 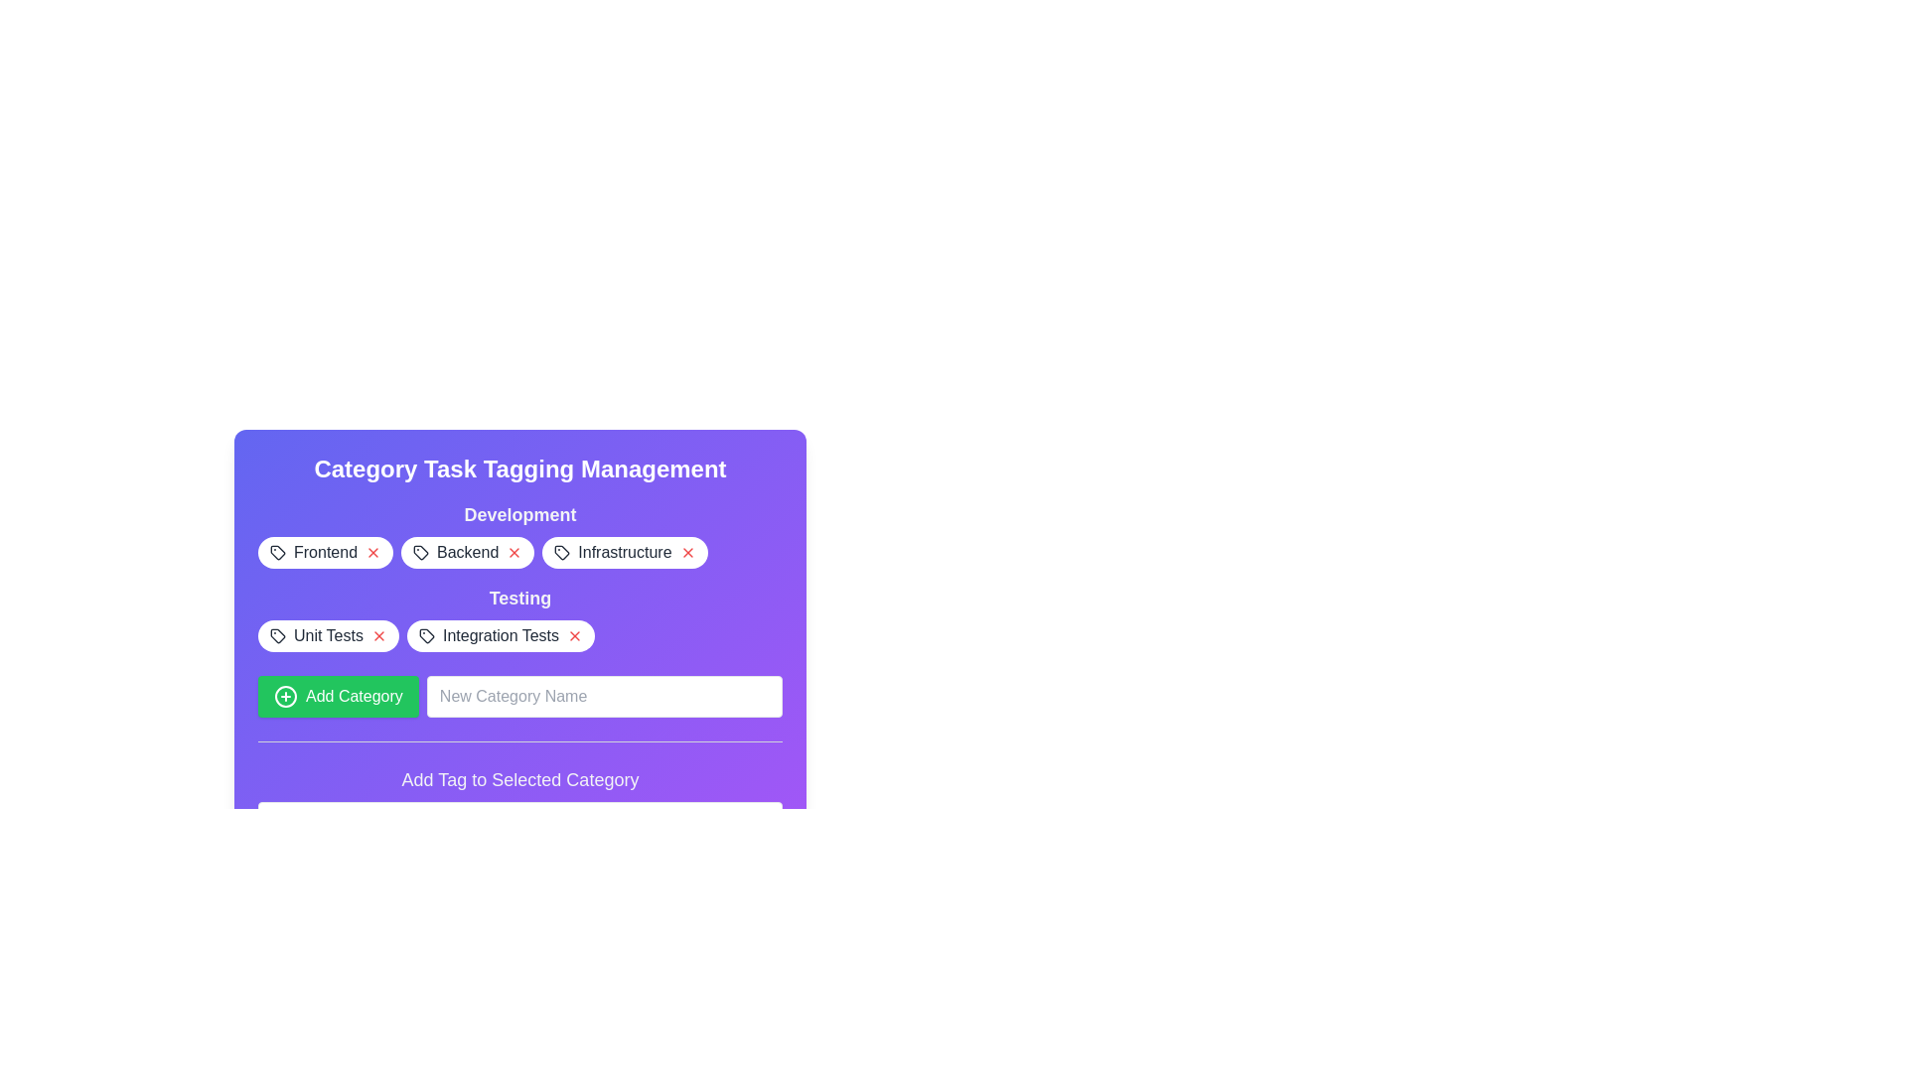 I want to click on the third selectable and removable tag component located under the 'Development' label, so click(x=624, y=552).